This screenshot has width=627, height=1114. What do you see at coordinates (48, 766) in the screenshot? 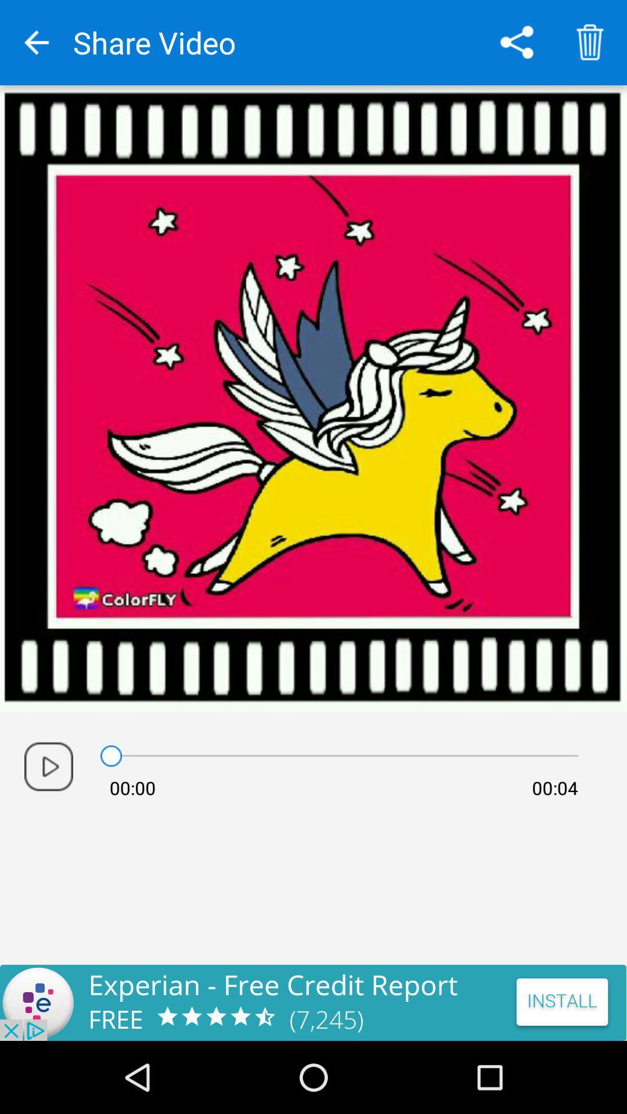
I see `video` at bounding box center [48, 766].